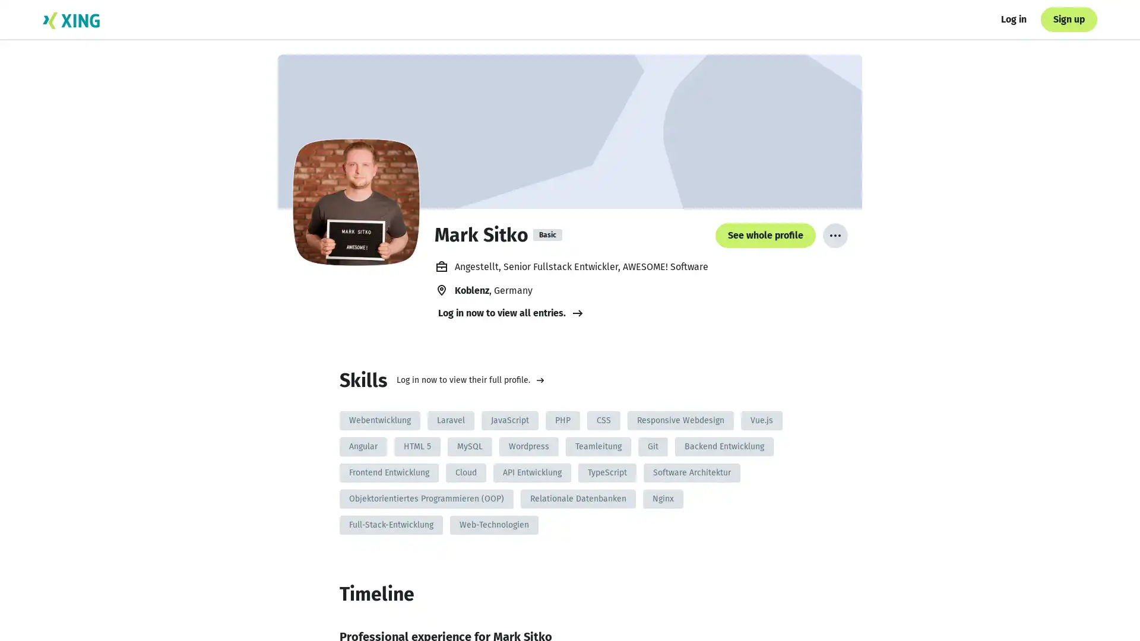 The width and height of the screenshot is (1140, 641). I want to click on Log in now to view their full profile., so click(470, 380).